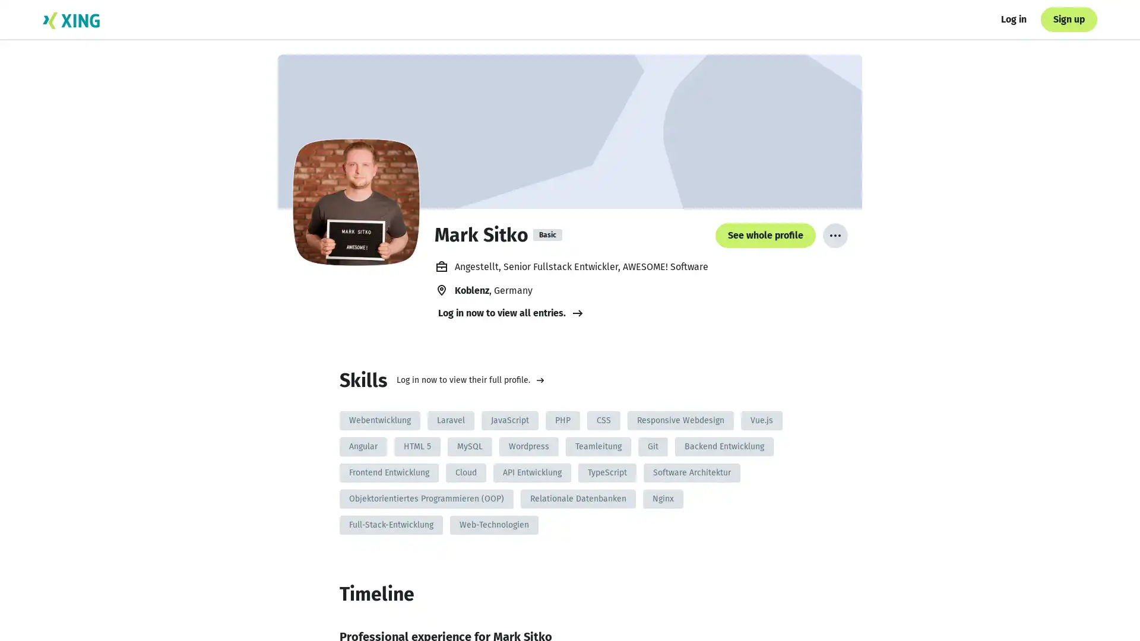 The width and height of the screenshot is (1140, 641). I want to click on Log in now to view their full profile., so click(470, 380).